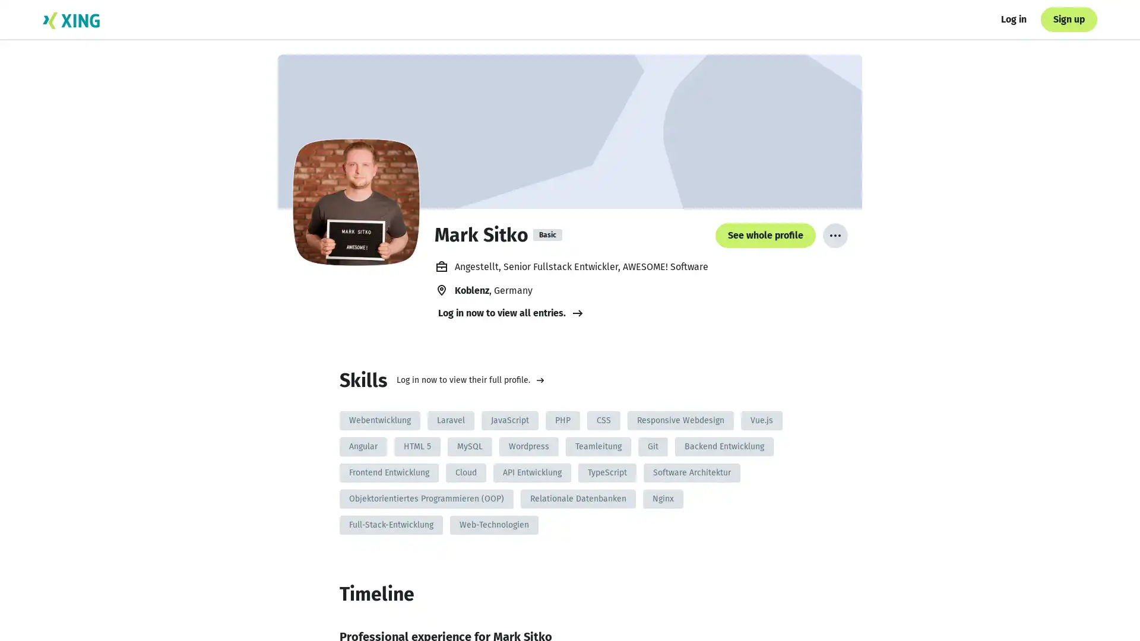 The width and height of the screenshot is (1140, 641). I want to click on Log in now to view their full profile., so click(470, 380).